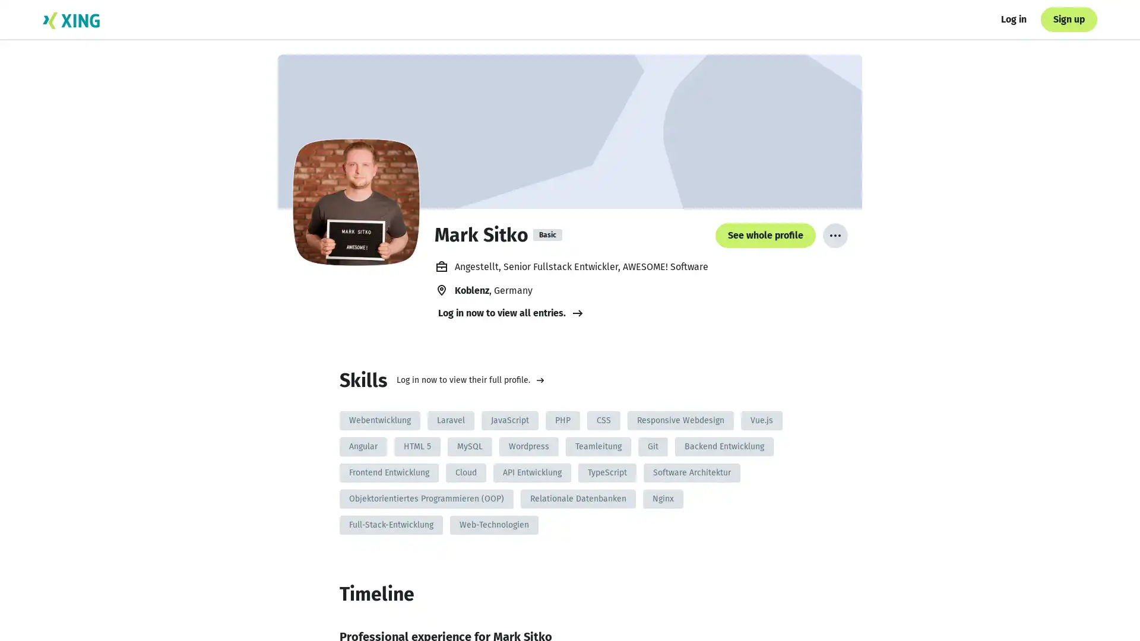 The width and height of the screenshot is (1140, 641). I want to click on Log in now to view their full profile., so click(470, 380).